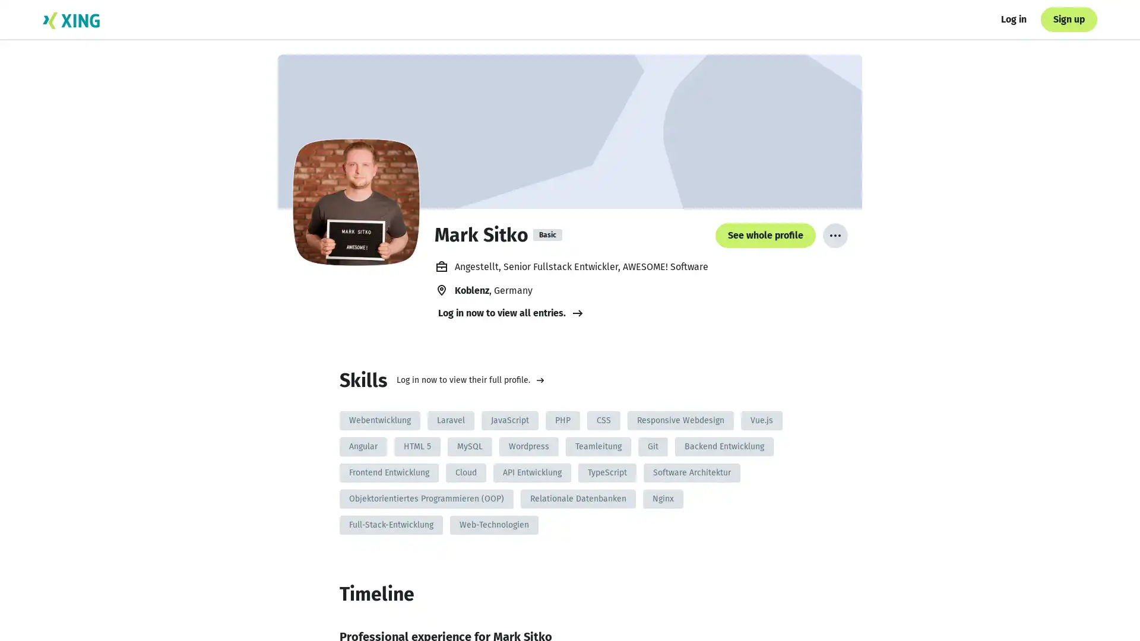 The width and height of the screenshot is (1140, 641). I want to click on Log in now to view their full profile., so click(470, 380).